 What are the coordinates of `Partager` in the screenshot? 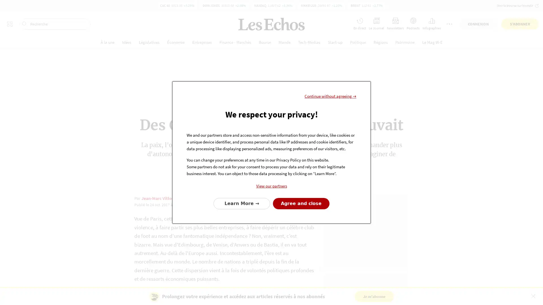 It's located at (284, 180).